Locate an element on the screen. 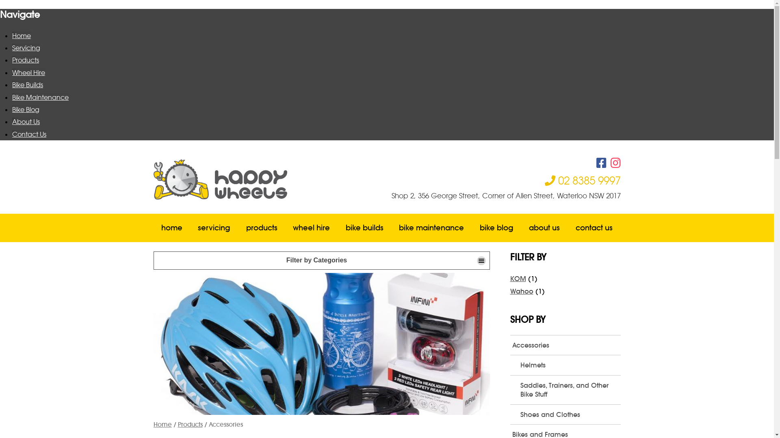  'Bike Maintenance' is located at coordinates (12, 97).